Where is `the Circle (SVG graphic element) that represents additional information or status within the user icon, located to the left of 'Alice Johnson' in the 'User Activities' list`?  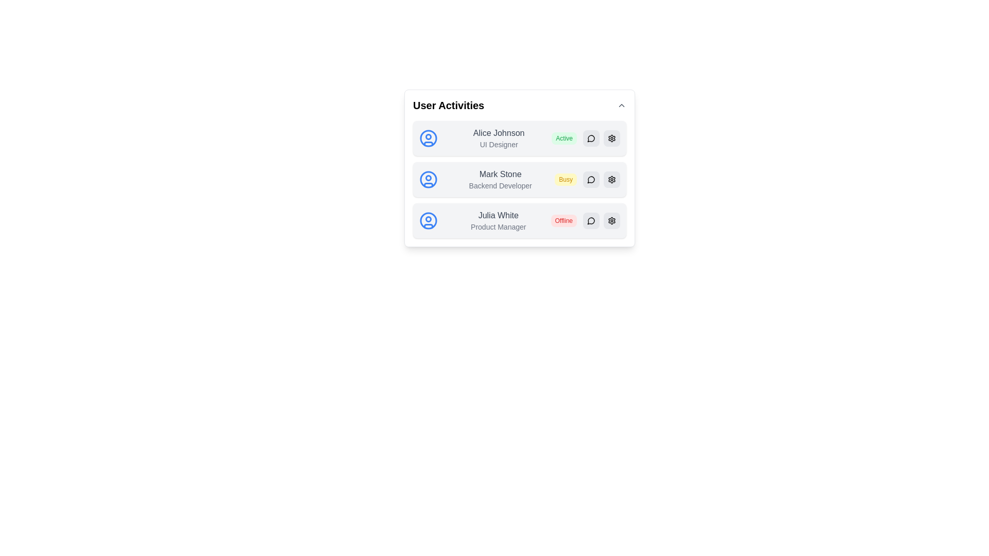 the Circle (SVG graphic element) that represents additional information or status within the user icon, located to the left of 'Alice Johnson' in the 'User Activities' list is located at coordinates (428, 136).